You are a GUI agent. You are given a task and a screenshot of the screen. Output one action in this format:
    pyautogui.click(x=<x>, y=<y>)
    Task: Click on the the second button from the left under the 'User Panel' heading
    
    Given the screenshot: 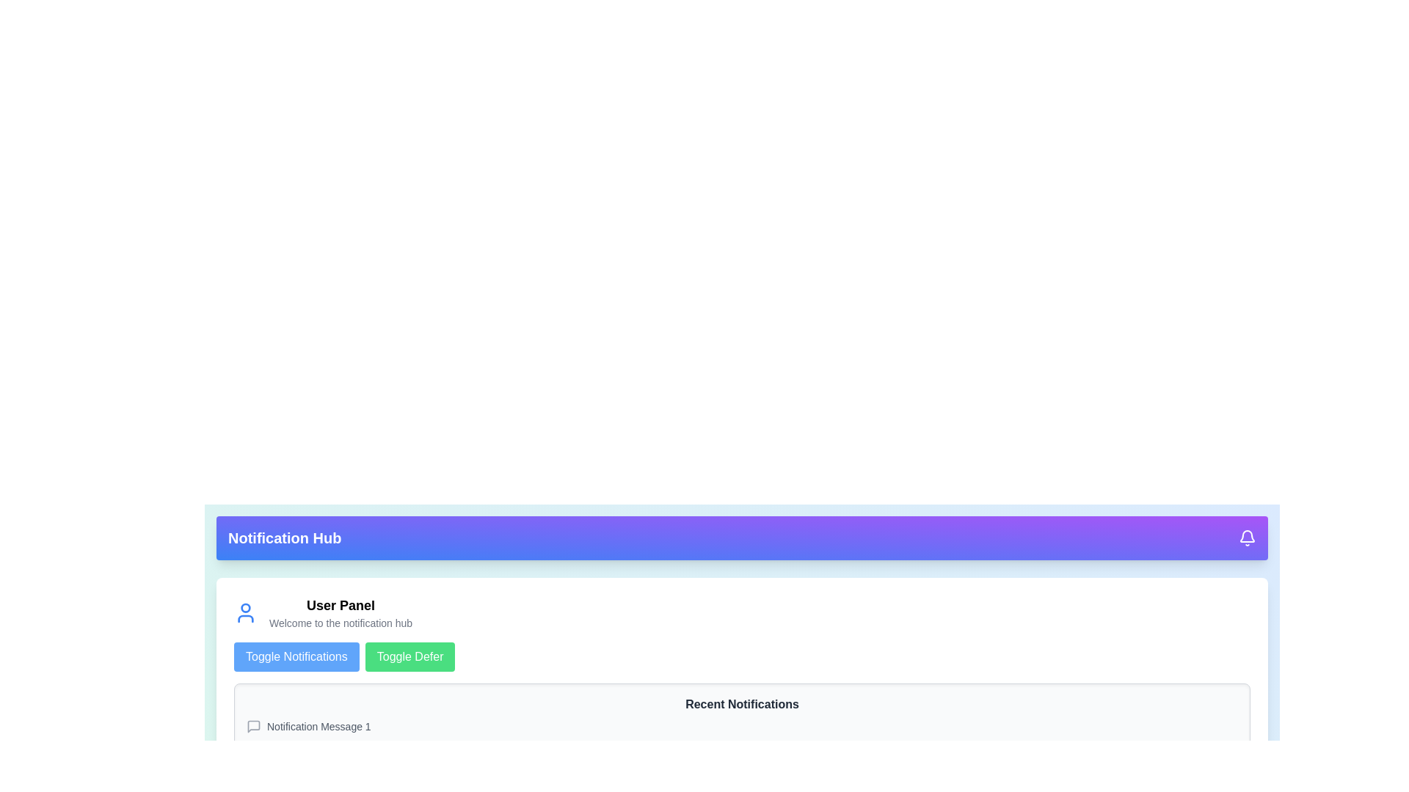 What is the action you would take?
    pyautogui.click(x=410, y=656)
    